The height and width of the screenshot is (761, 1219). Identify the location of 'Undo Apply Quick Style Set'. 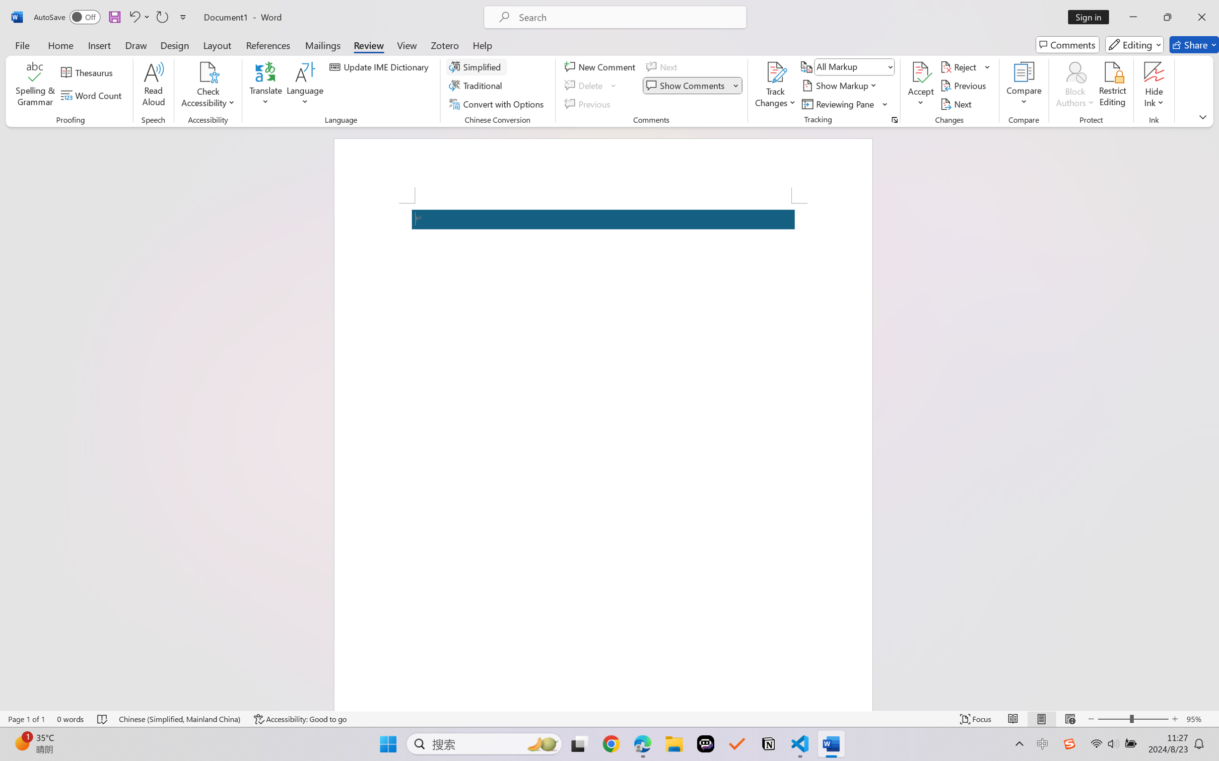
(133, 17).